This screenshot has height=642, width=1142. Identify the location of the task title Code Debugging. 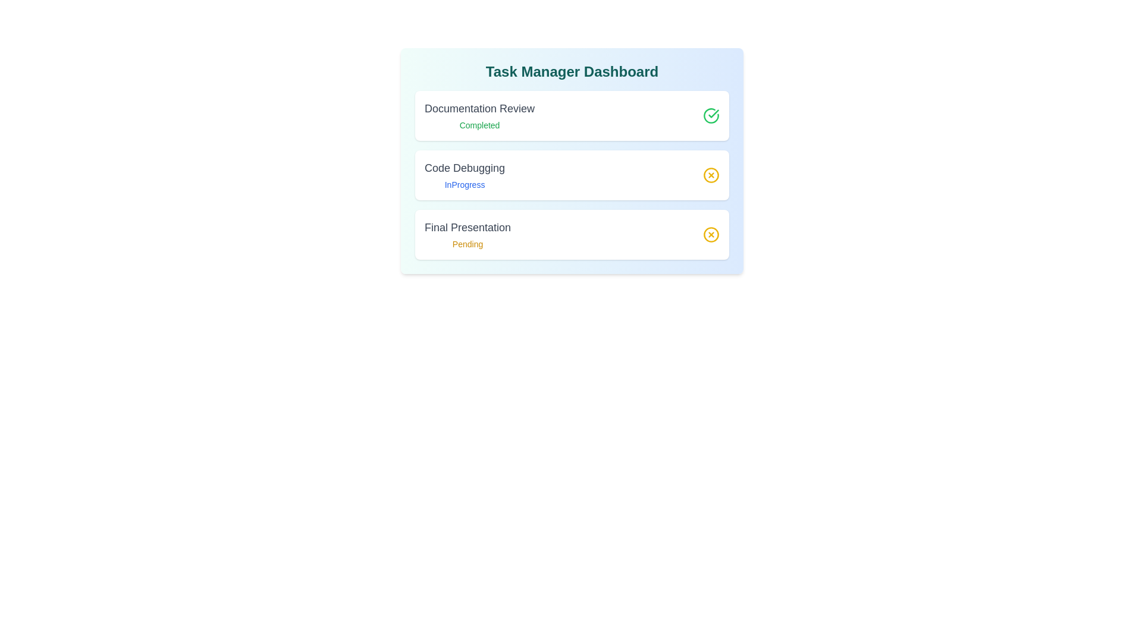
(464, 168).